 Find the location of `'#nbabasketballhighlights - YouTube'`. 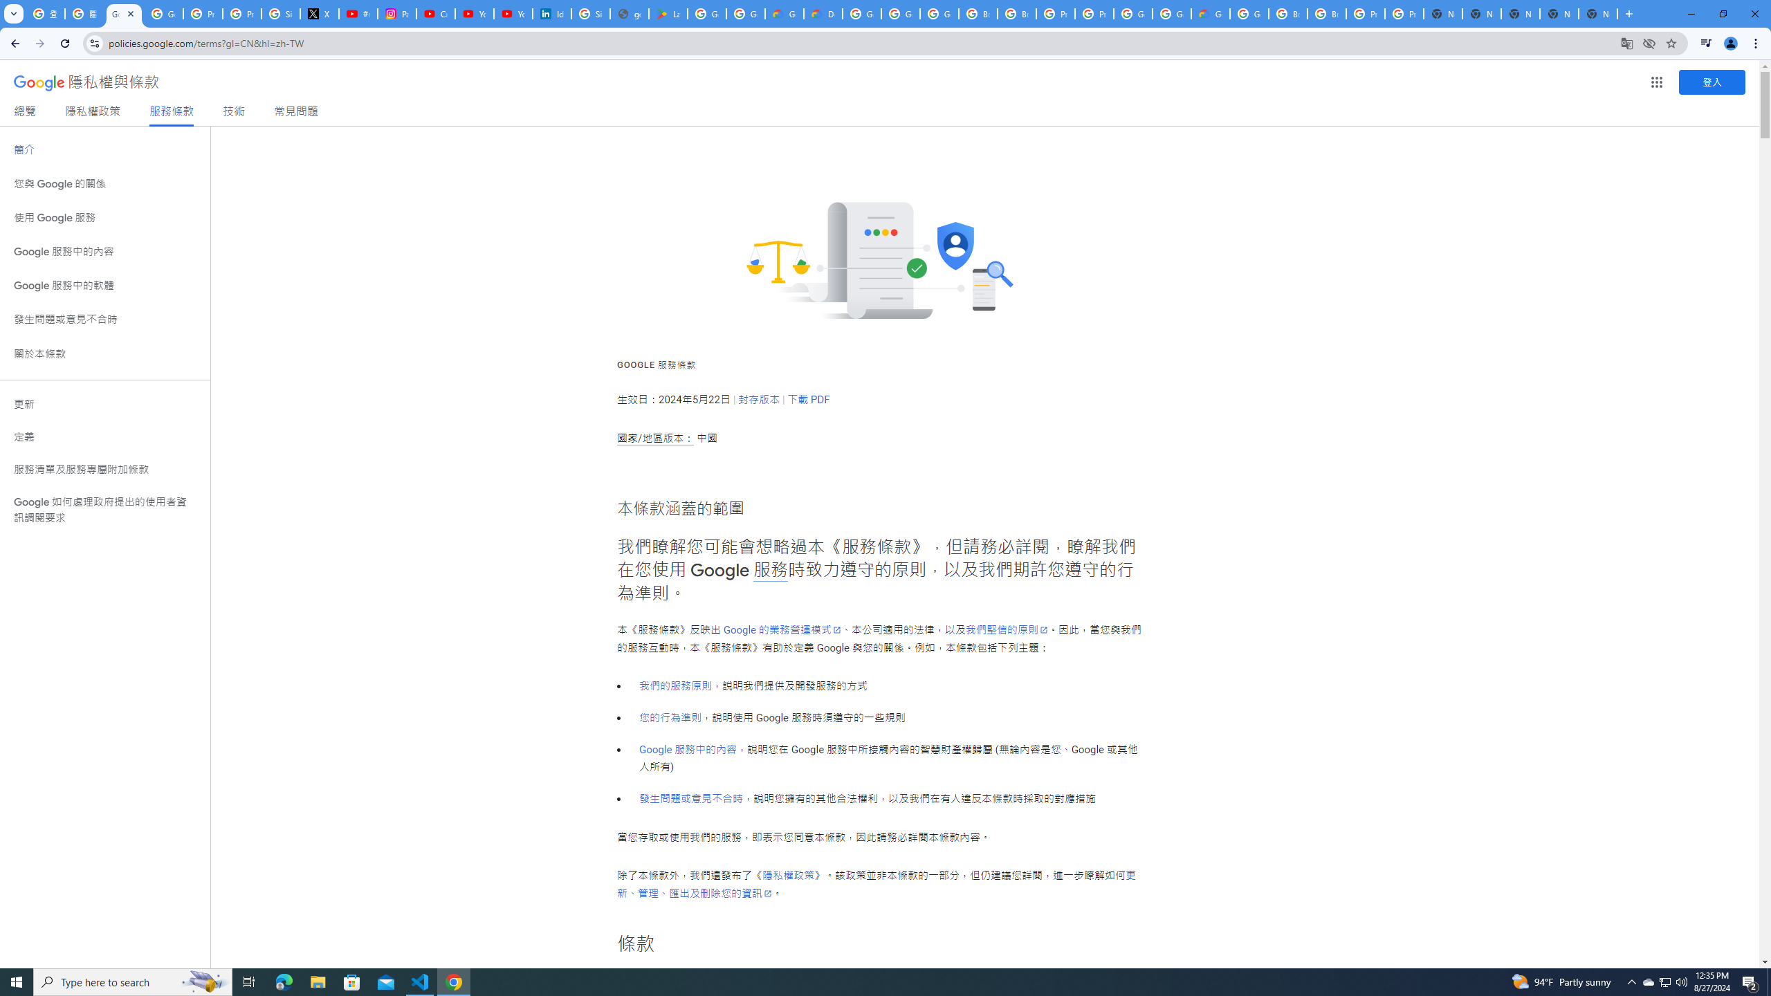

'#nbabasketballhighlights - YouTube' is located at coordinates (358, 13).